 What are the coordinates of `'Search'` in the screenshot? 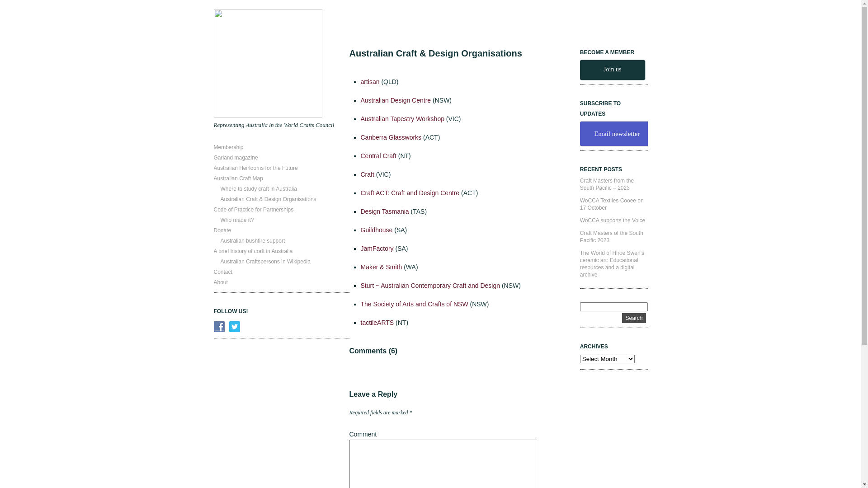 It's located at (633, 318).